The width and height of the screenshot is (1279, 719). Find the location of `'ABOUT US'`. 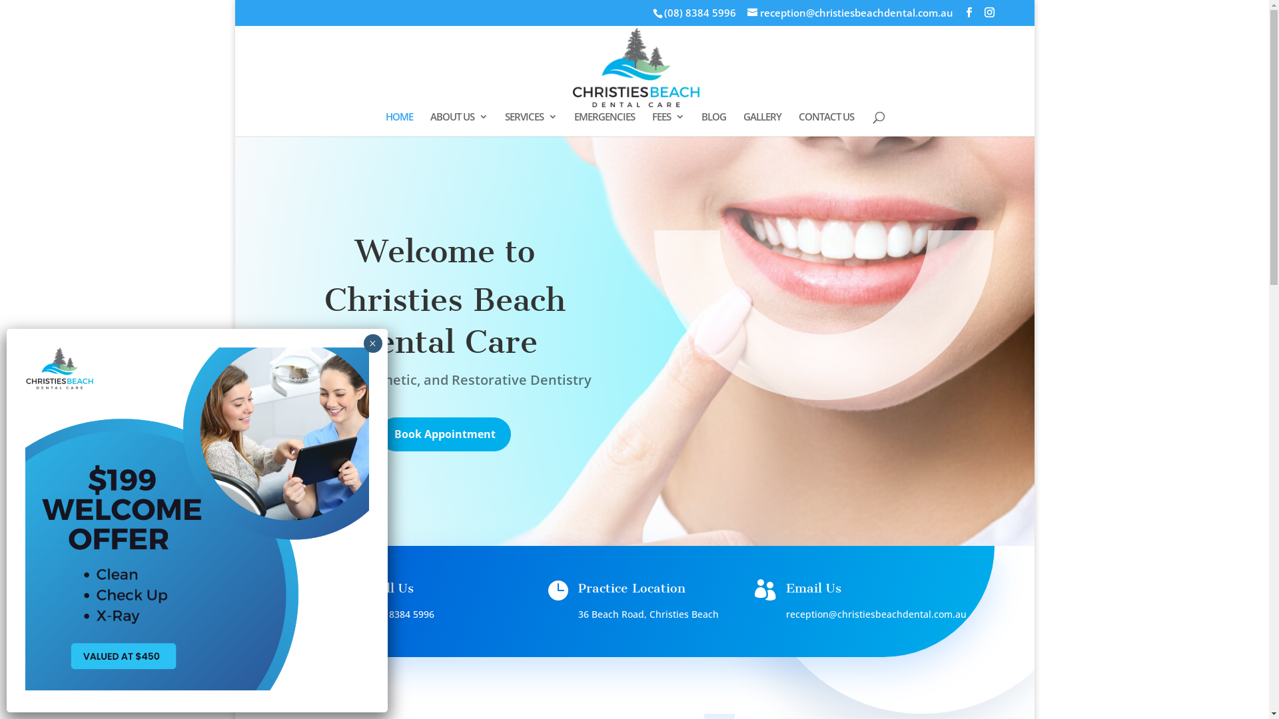

'ABOUT US' is located at coordinates (459, 124).